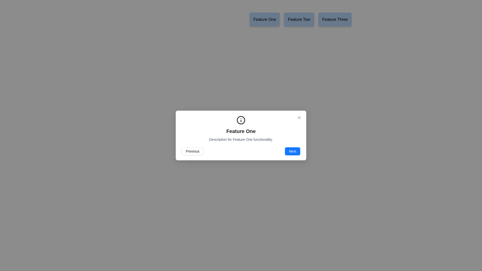 The image size is (482, 271). What do you see at coordinates (335, 19) in the screenshot?
I see `the third button representing 'Feature Three'` at bounding box center [335, 19].